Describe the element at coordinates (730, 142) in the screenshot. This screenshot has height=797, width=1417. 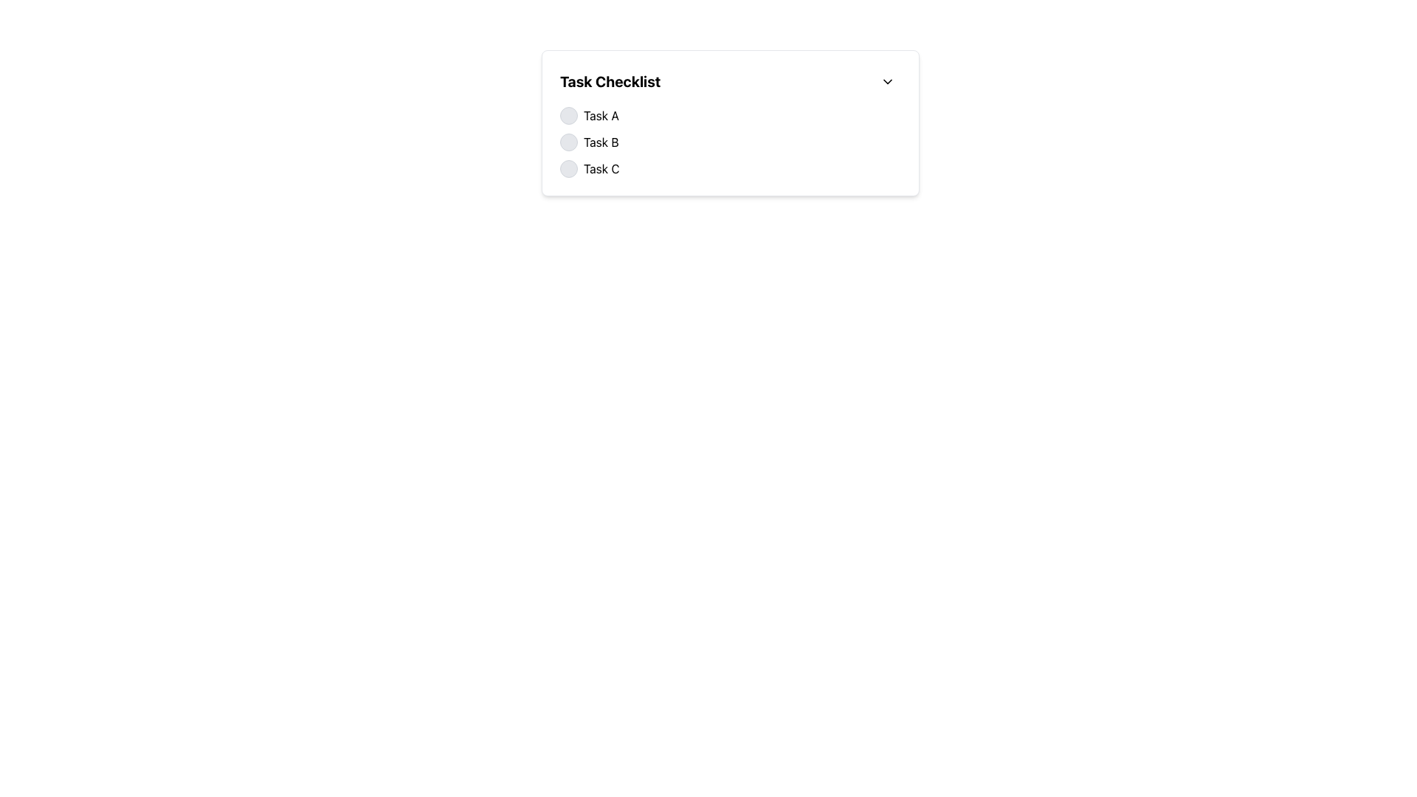
I see `the checkbox of the task item labeled 'Task B'` at that location.